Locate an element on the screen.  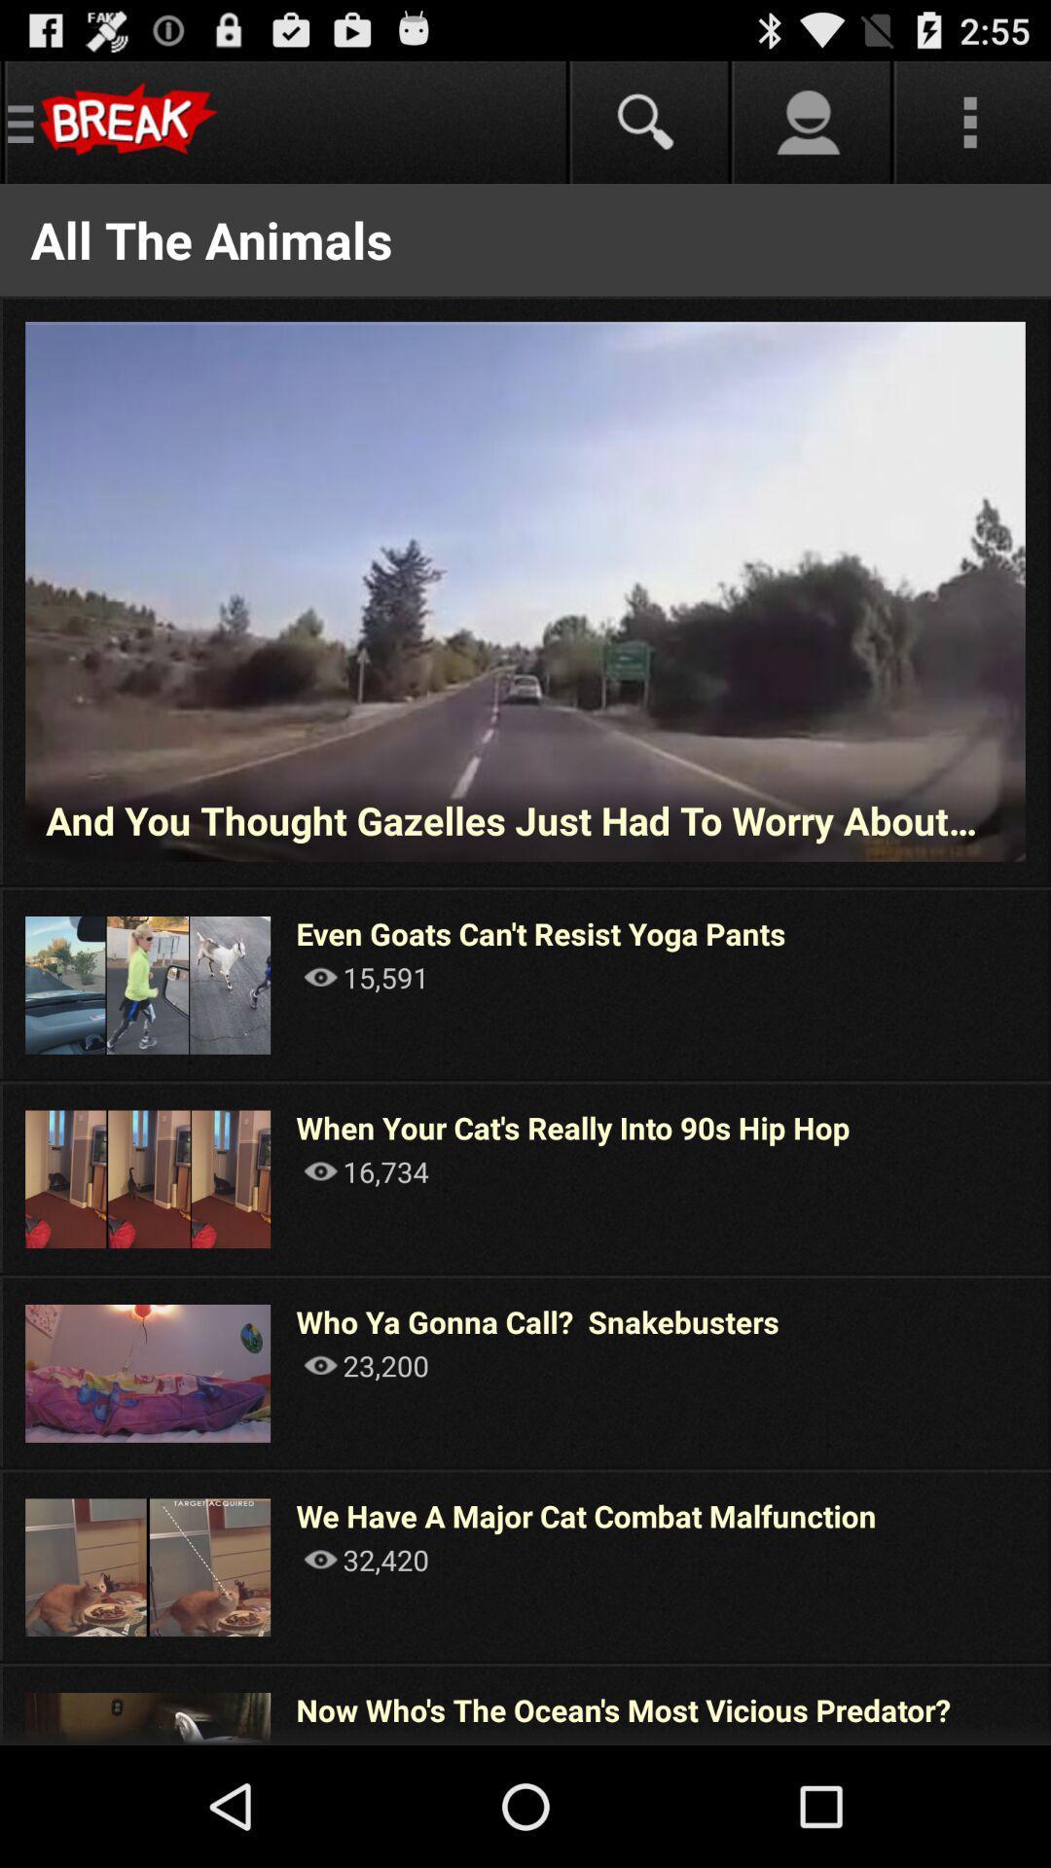
the when your cat app is located at coordinates (572, 1128).